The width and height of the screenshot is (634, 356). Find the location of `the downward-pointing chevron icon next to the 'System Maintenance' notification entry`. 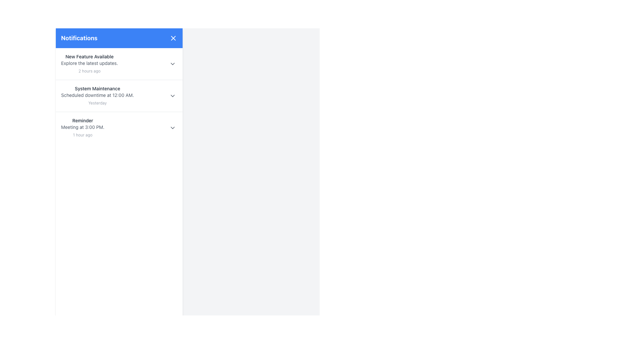

the downward-pointing chevron icon next to the 'System Maintenance' notification entry is located at coordinates (173, 96).